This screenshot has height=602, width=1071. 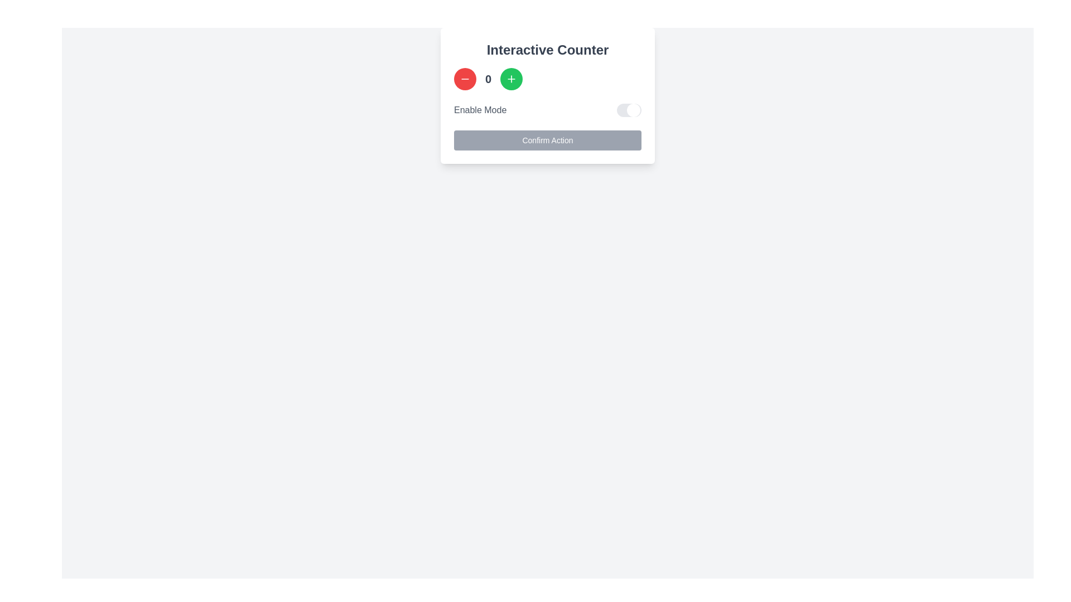 I want to click on the circular green button with a white plus sign, so click(x=511, y=79).